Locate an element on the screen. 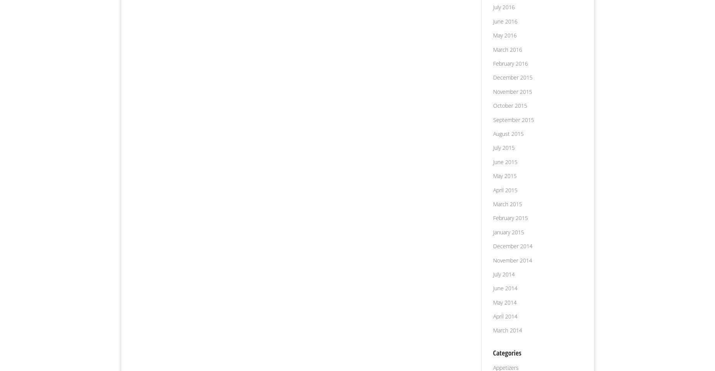 This screenshot has height=371, width=715. 'February 2015' is located at coordinates (509, 217).